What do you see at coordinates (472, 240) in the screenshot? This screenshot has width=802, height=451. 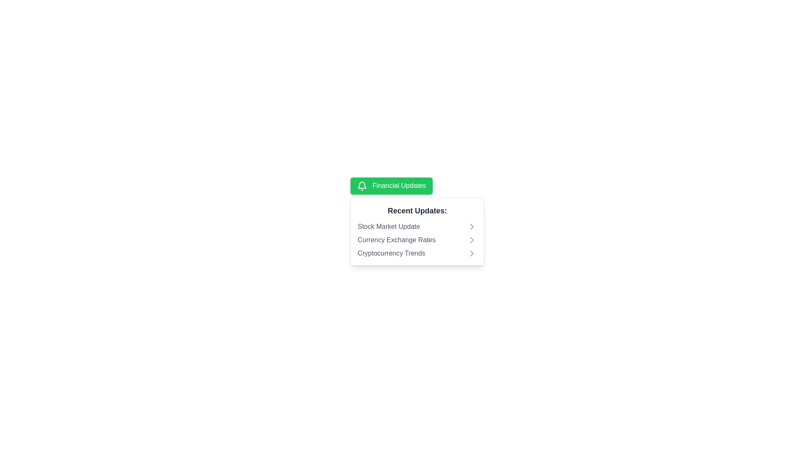 I see `the third icon on the far right of the 'Currency Exchange Rates' row, which indicates that this row is actionable and likely opens a detailed view or navigation` at bounding box center [472, 240].